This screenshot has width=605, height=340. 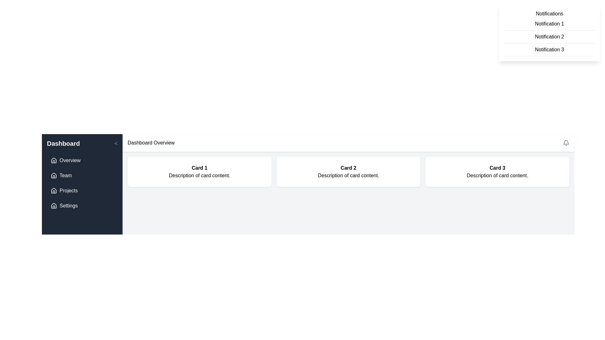 What do you see at coordinates (54, 190) in the screenshot?
I see `the 'Projects' icon located in the left sidebar, which serves as a visual indicator for navigating to the Projects section` at bounding box center [54, 190].